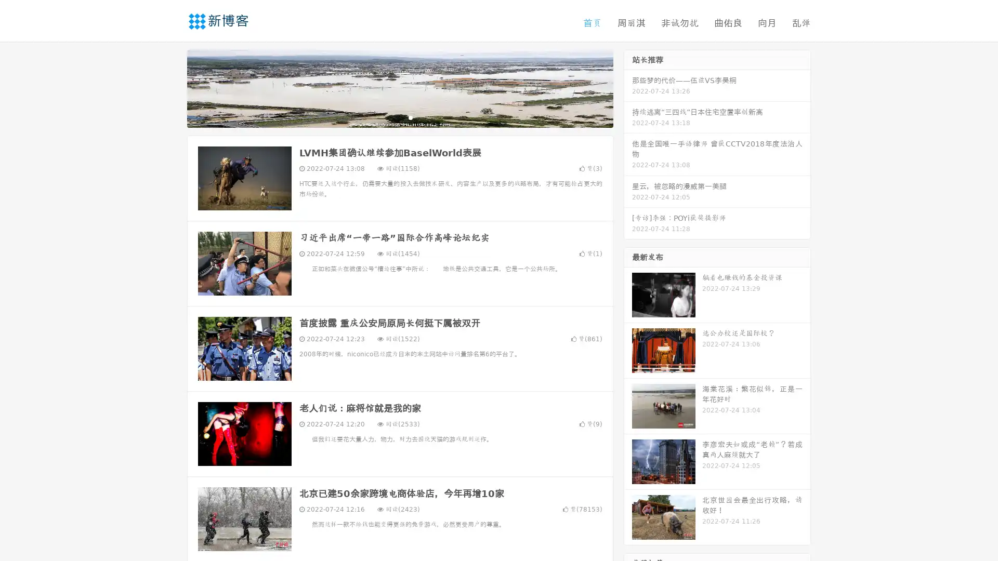 The image size is (998, 561). What do you see at coordinates (399, 117) in the screenshot?
I see `Go to slide 2` at bounding box center [399, 117].